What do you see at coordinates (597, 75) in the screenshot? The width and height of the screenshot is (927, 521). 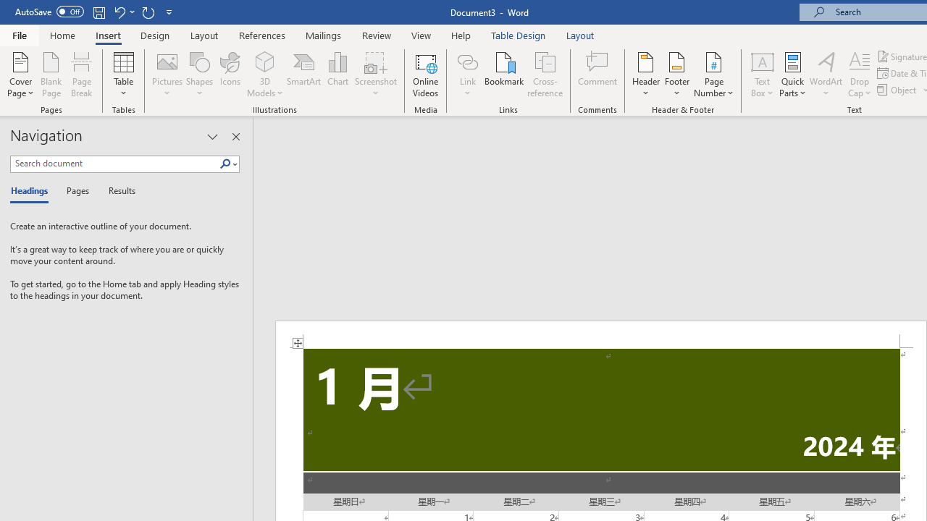 I see `'Comment'` at bounding box center [597, 75].